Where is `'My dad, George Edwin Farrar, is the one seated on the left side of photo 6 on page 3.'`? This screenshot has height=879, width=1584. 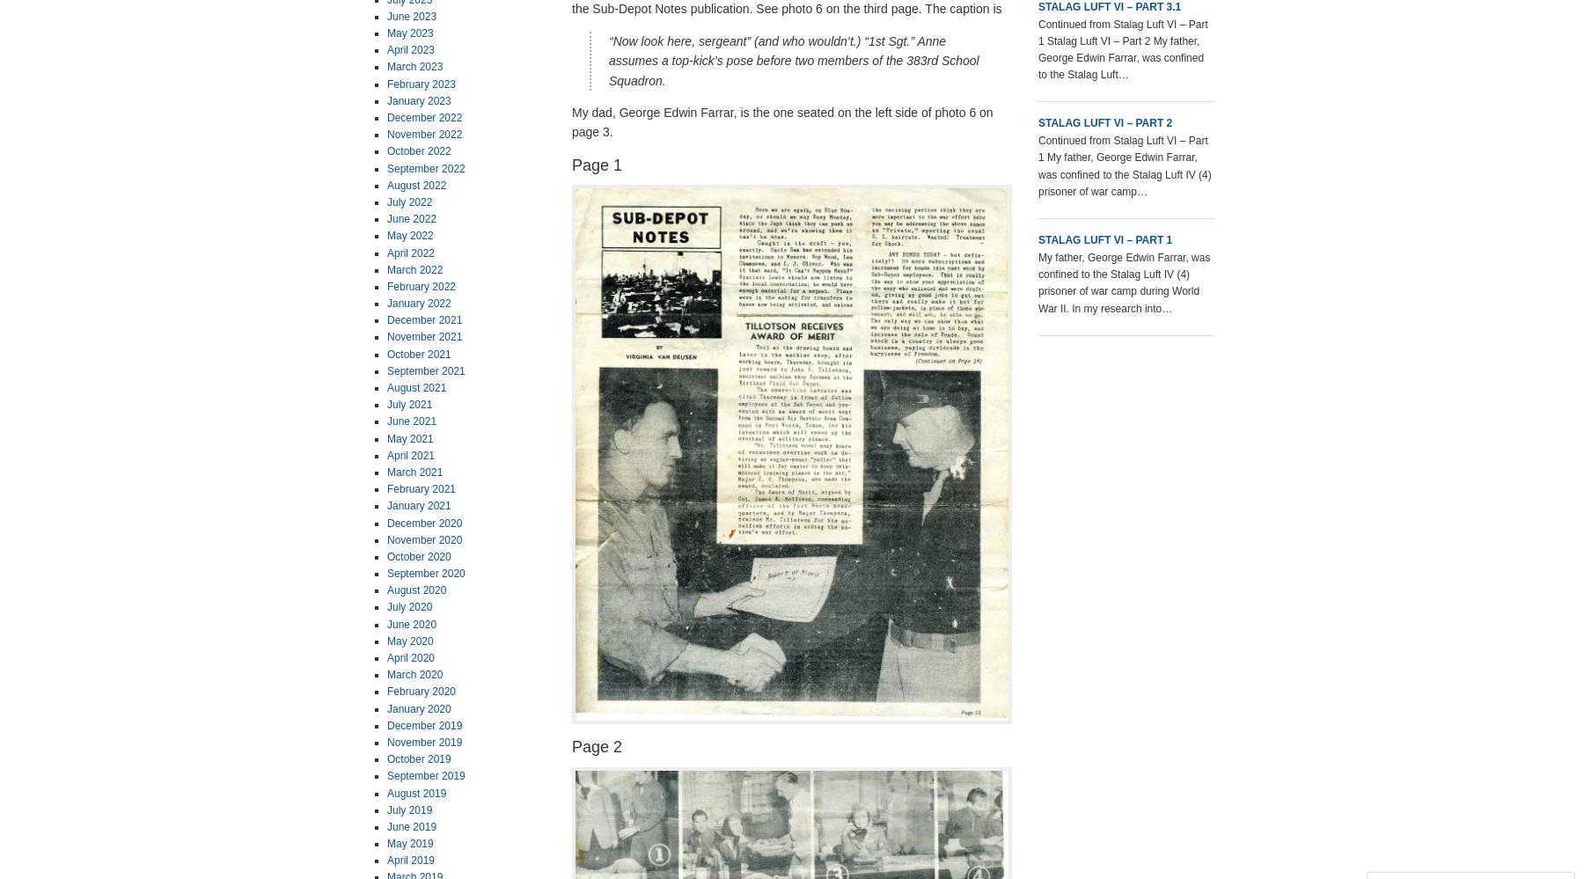
'My dad, George Edwin Farrar, is the one seated on the left side of photo 6 on page 3.' is located at coordinates (782, 121).